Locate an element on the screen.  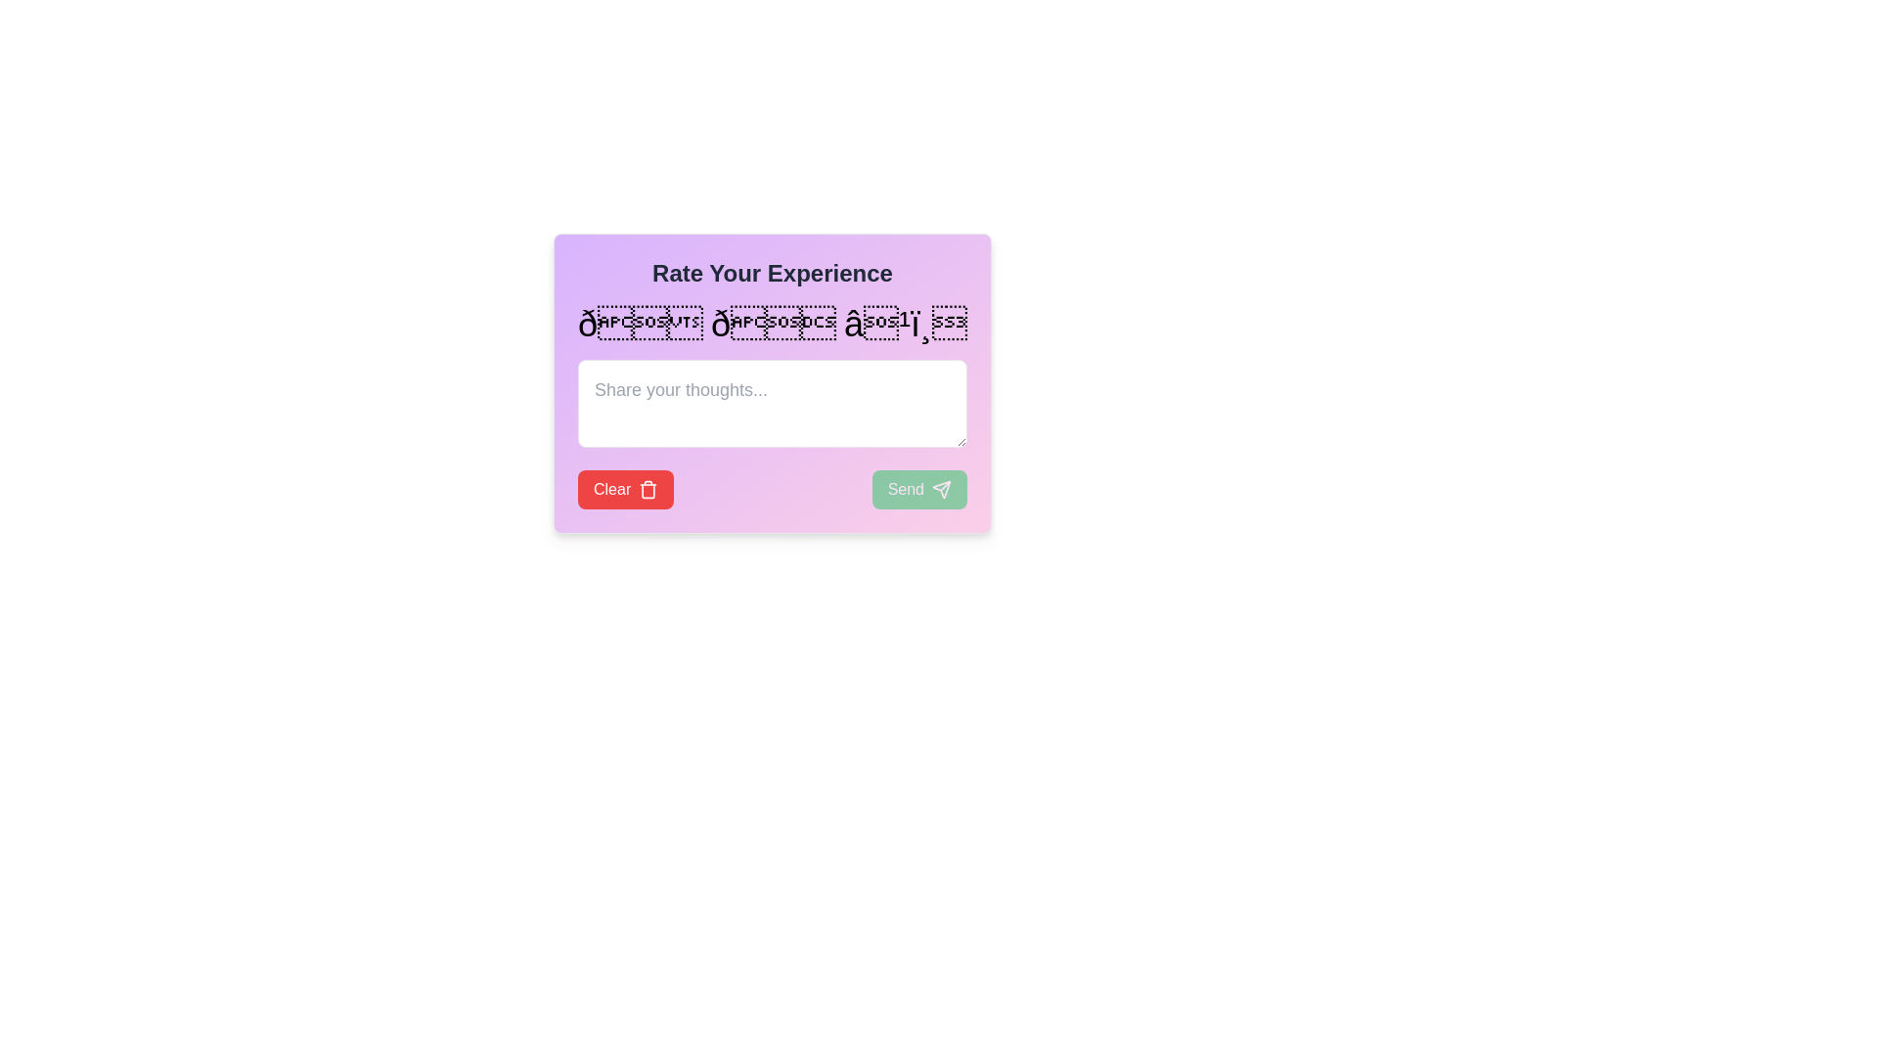
the group of interactive emoji-like icons representing expressions ranging from happy to neutral is located at coordinates (772, 323).